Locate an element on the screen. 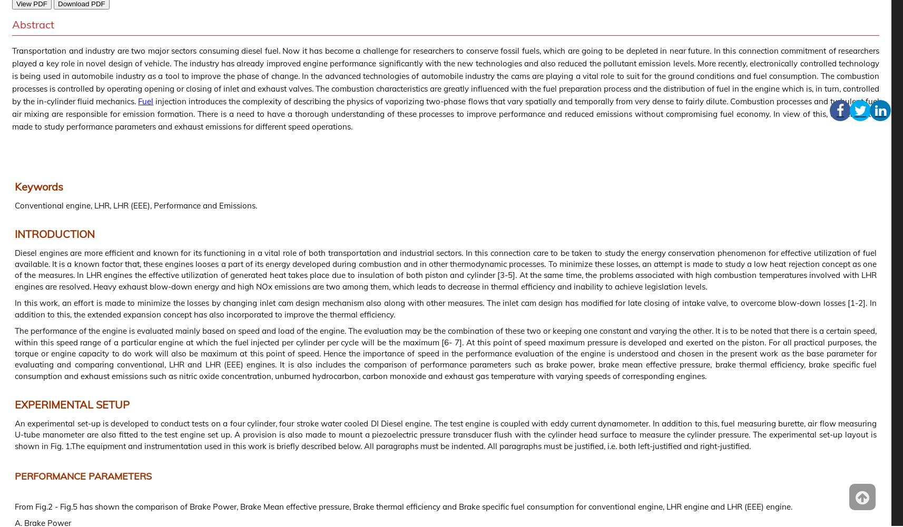 This screenshot has width=903, height=527. 'PERFORMANCE PARAMETERS' is located at coordinates (14, 476).